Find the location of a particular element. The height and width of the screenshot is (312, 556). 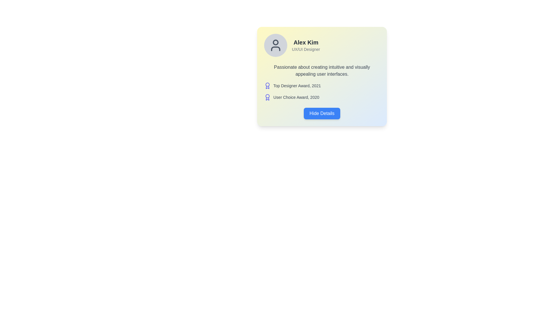

the circular profile image placeholder, which has a light gray background and a dark gray user icon at its center is located at coordinates (275, 45).